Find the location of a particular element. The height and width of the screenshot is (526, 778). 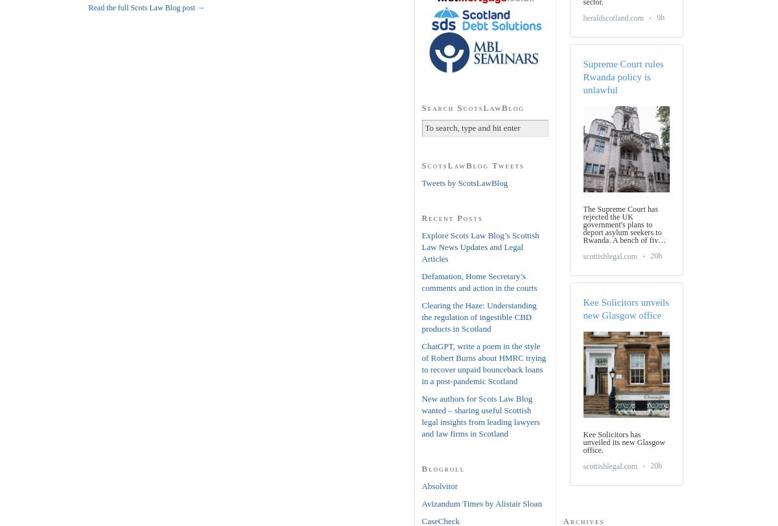

'Read the full Scots Law Blog post →' is located at coordinates (145, 8).